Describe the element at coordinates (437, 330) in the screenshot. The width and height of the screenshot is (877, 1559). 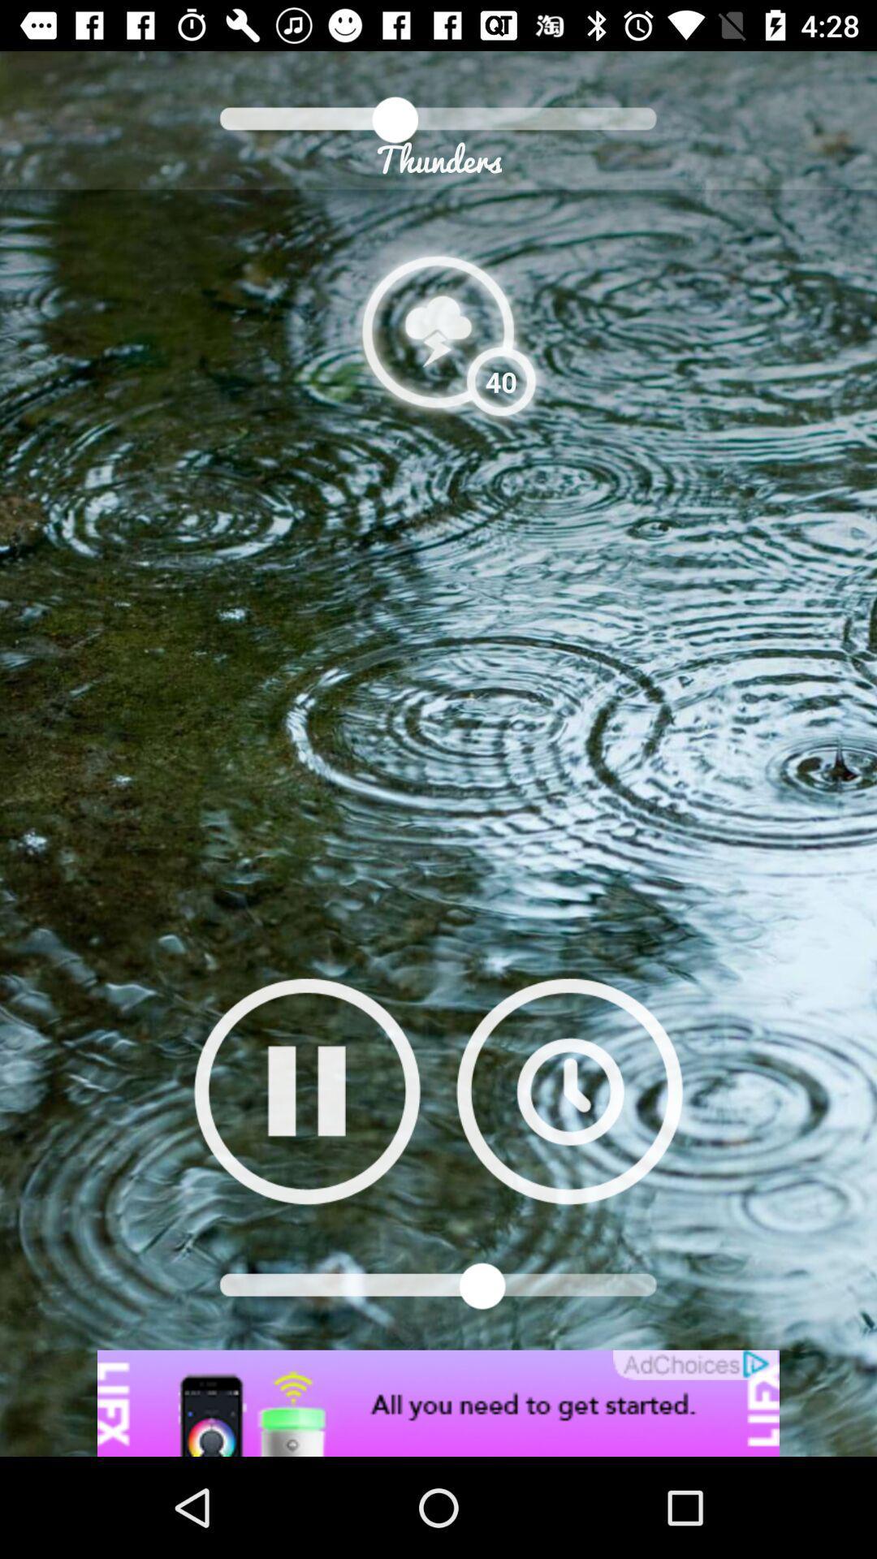
I see `open weather information` at that location.